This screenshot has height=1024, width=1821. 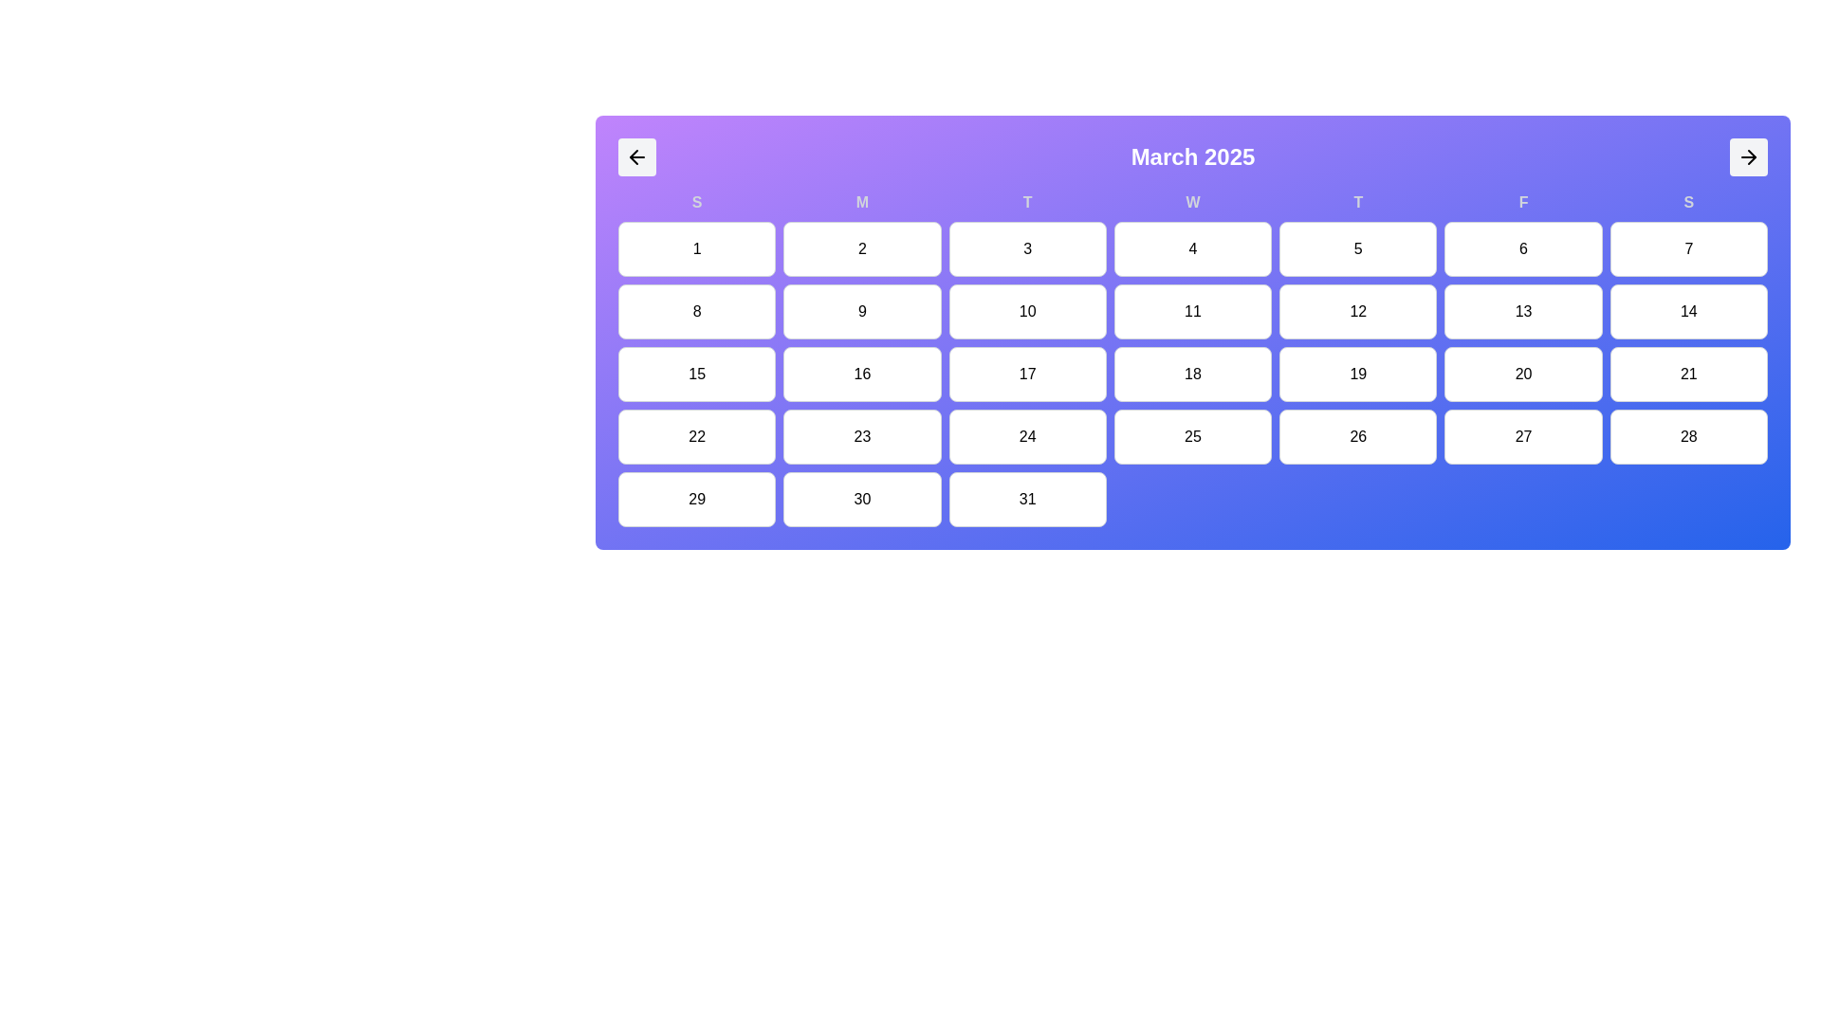 What do you see at coordinates (861, 310) in the screenshot?
I see `the button representing the ninth day` at bounding box center [861, 310].